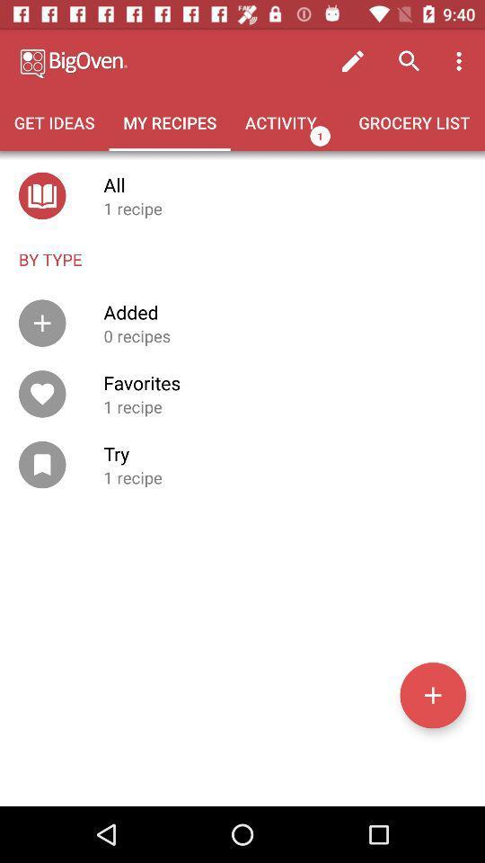 This screenshot has width=485, height=863. I want to click on more details, so click(432, 694).